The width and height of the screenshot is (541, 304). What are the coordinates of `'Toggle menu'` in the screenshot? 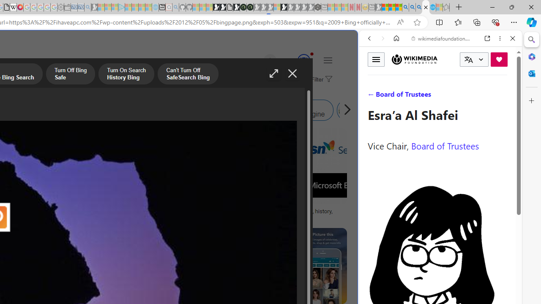 It's located at (376, 59).